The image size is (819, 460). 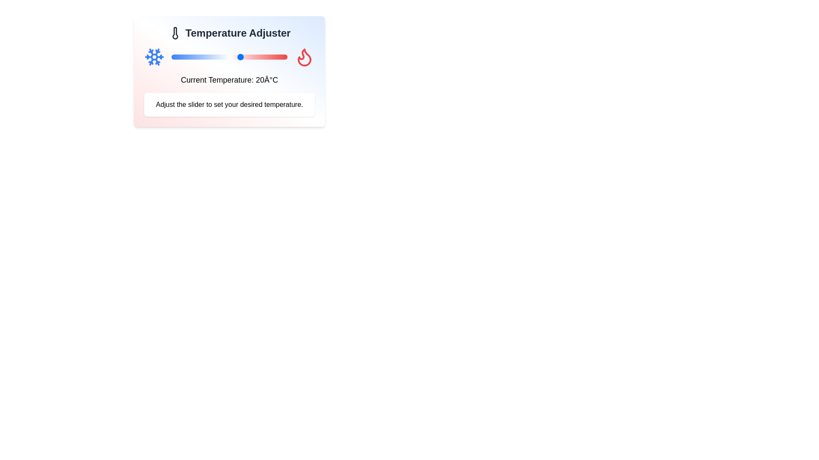 What do you see at coordinates (259, 57) in the screenshot?
I see `the slider to set the temperature to 28°C` at bounding box center [259, 57].